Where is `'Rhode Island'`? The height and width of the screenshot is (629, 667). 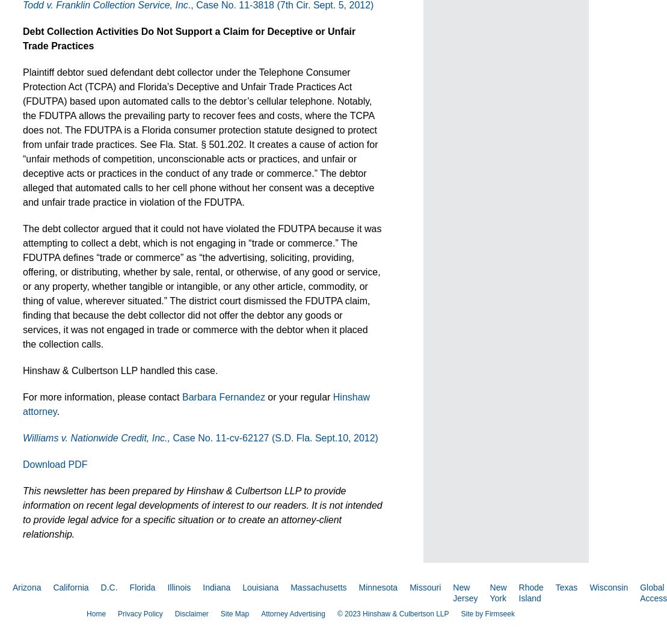
'Rhode Island' is located at coordinates (530, 592).